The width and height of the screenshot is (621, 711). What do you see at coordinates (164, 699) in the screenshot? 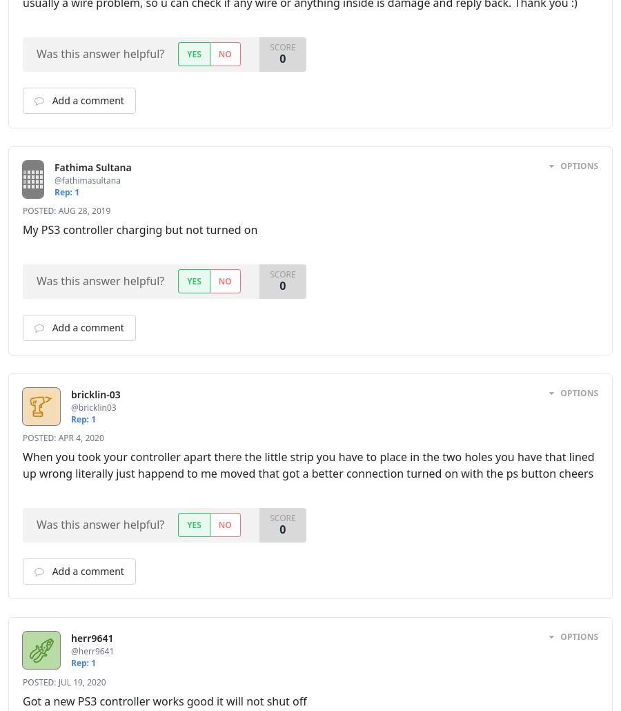
I see `'Got a new PS3 controller works good it will not shut off'` at bounding box center [164, 699].